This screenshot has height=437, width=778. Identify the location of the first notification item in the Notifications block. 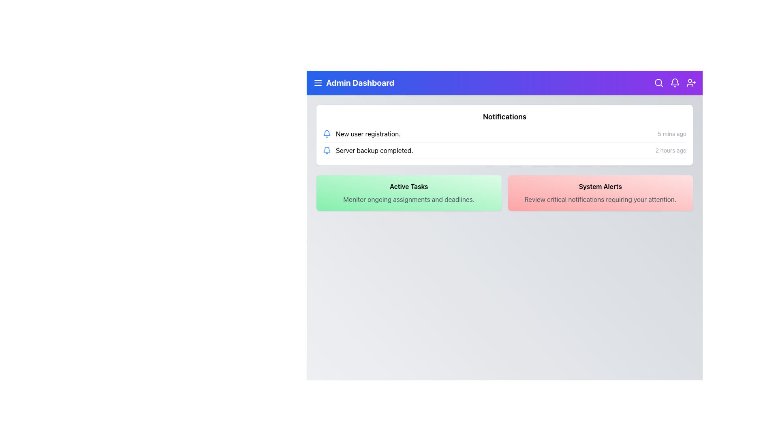
(361, 134).